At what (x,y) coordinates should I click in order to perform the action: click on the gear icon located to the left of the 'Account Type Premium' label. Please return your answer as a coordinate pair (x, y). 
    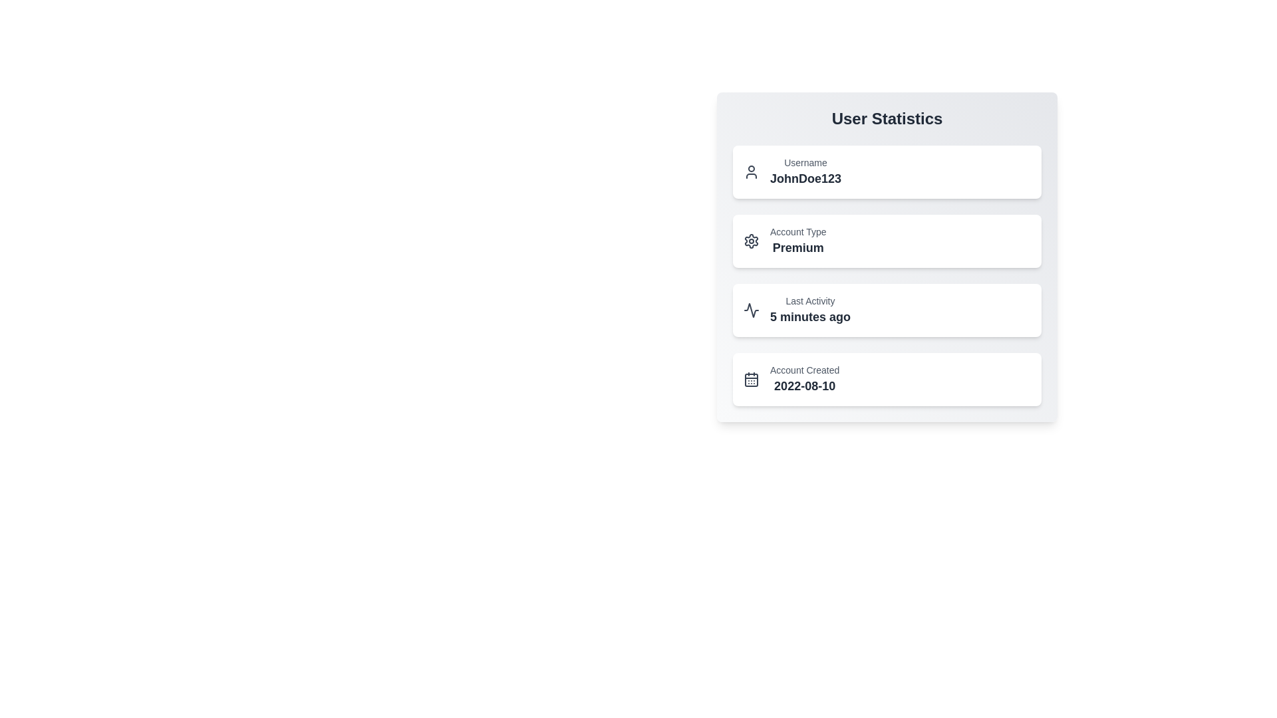
    Looking at the image, I should click on (751, 241).